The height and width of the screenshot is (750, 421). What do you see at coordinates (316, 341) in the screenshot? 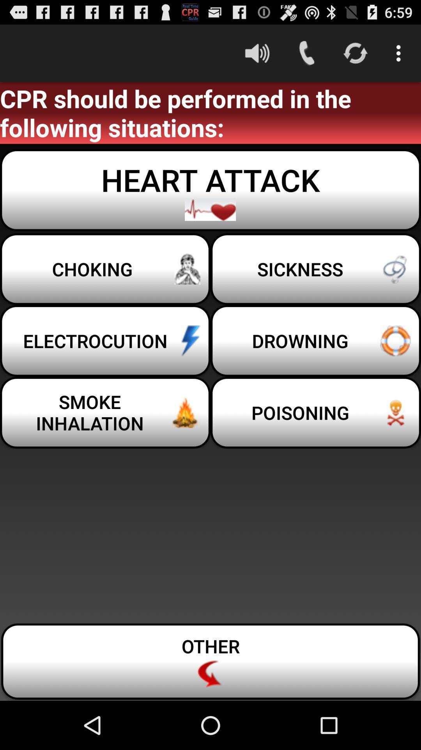
I see `item below choking icon` at bounding box center [316, 341].